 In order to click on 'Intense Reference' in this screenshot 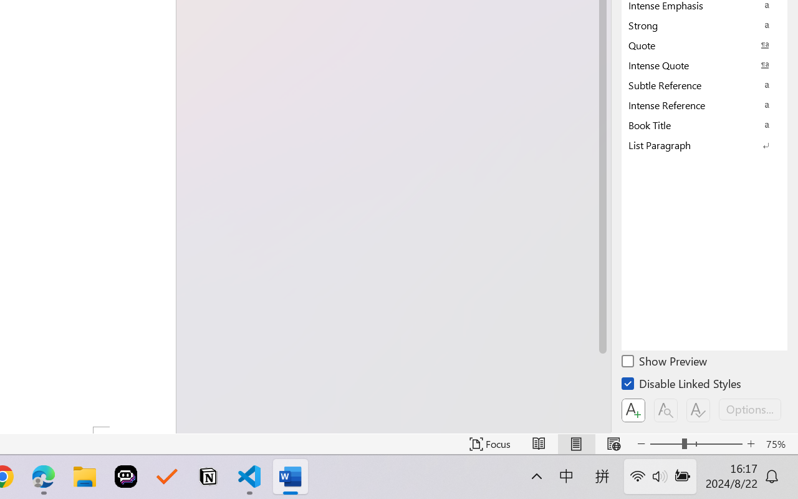, I will do `click(704, 104)`.